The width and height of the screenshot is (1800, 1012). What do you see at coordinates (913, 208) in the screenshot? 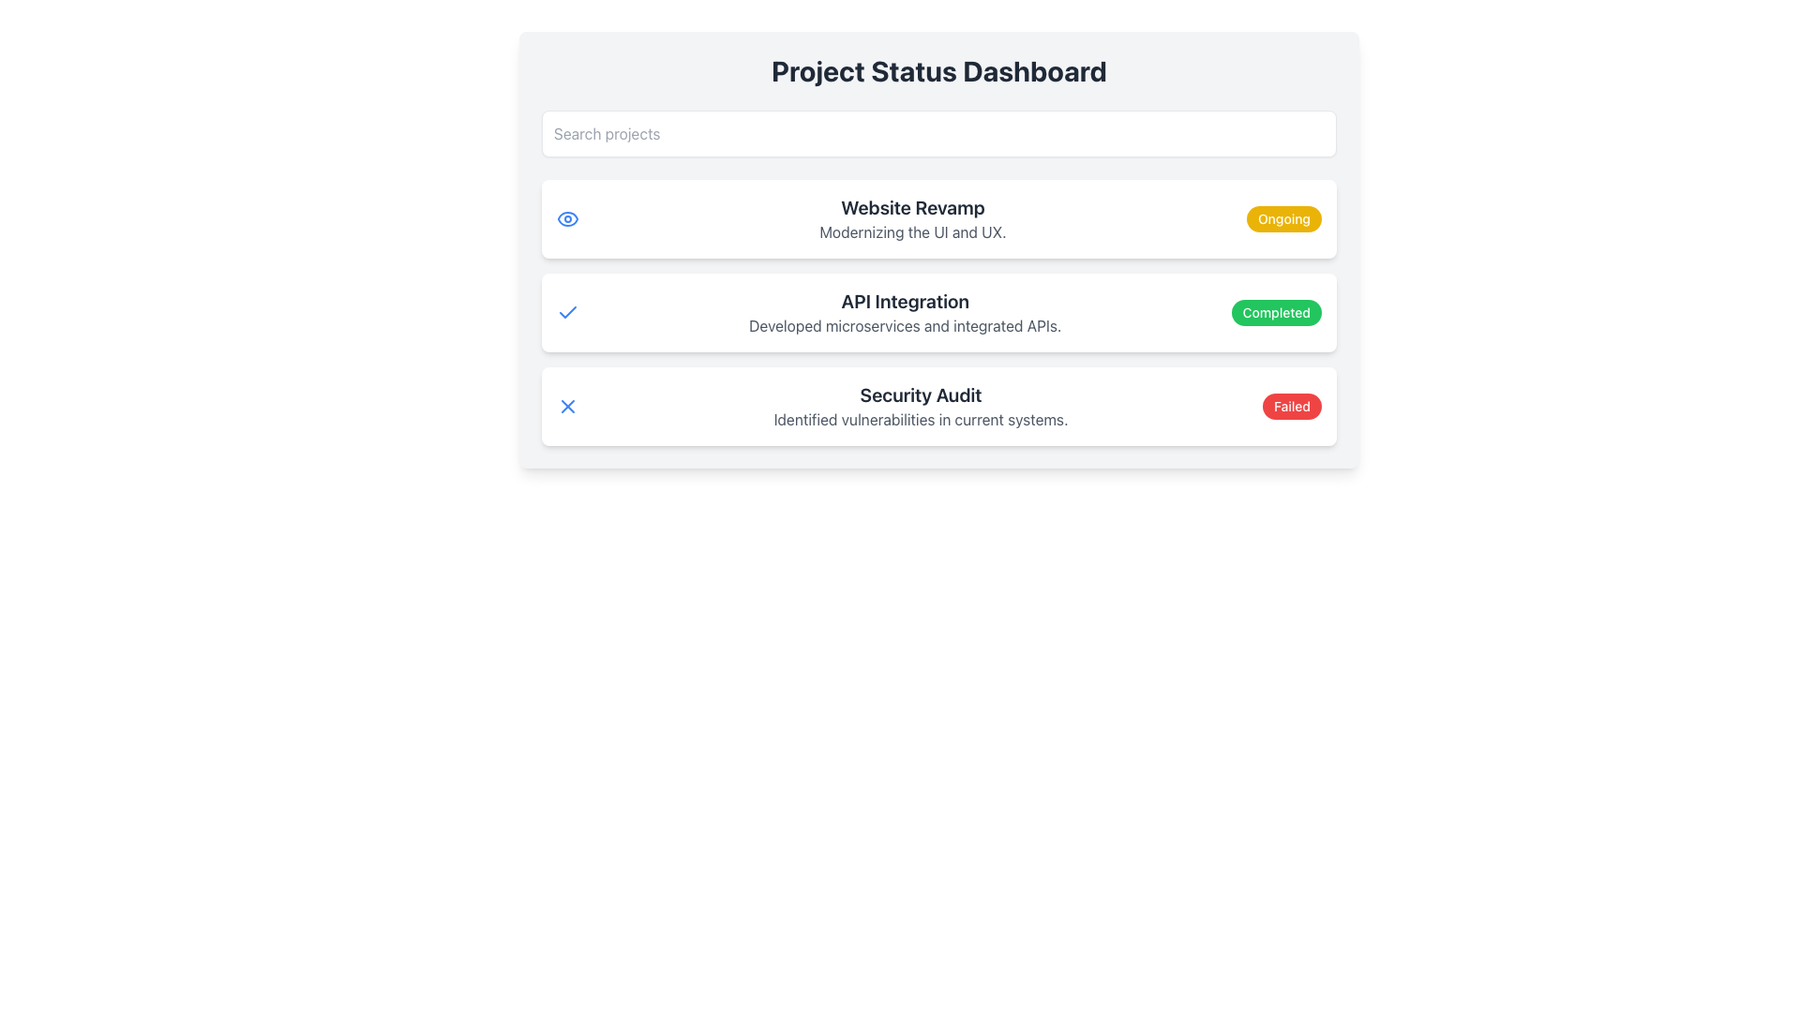
I see `the upper line of the text label that serves as the project title, located at the top-center of the interface` at bounding box center [913, 208].